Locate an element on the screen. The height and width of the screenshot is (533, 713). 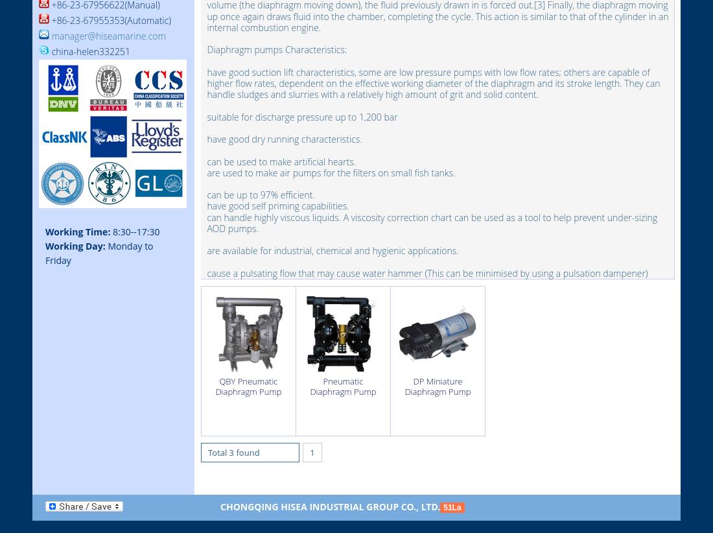
'have good self priming capabilities.' is located at coordinates (277, 206).